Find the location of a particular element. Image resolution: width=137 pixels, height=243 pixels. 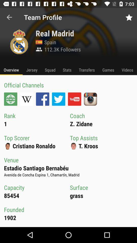

the globe icon is located at coordinates (11, 99).